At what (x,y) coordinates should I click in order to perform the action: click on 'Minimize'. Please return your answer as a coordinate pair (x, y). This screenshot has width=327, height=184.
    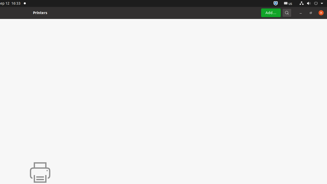
    Looking at the image, I should click on (300, 12).